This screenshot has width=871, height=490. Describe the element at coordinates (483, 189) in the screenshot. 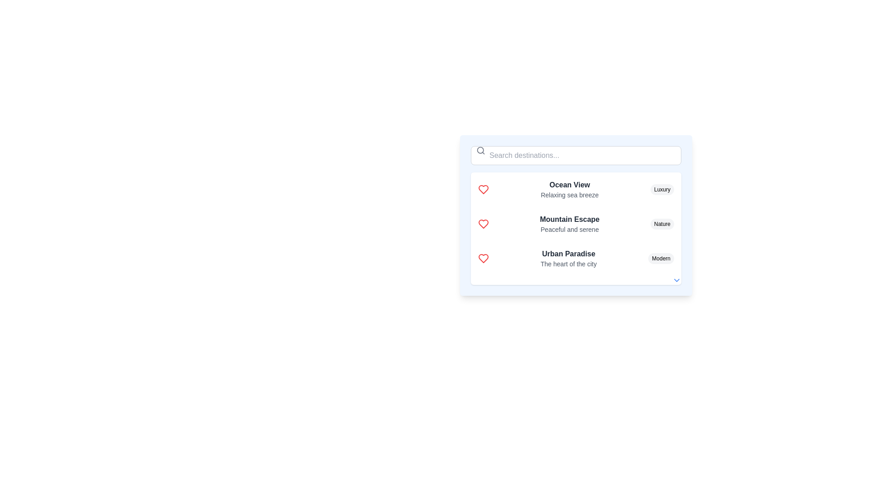

I see `the heart icon located to the left of the 'Ocean View' text to mark it as liked` at that location.